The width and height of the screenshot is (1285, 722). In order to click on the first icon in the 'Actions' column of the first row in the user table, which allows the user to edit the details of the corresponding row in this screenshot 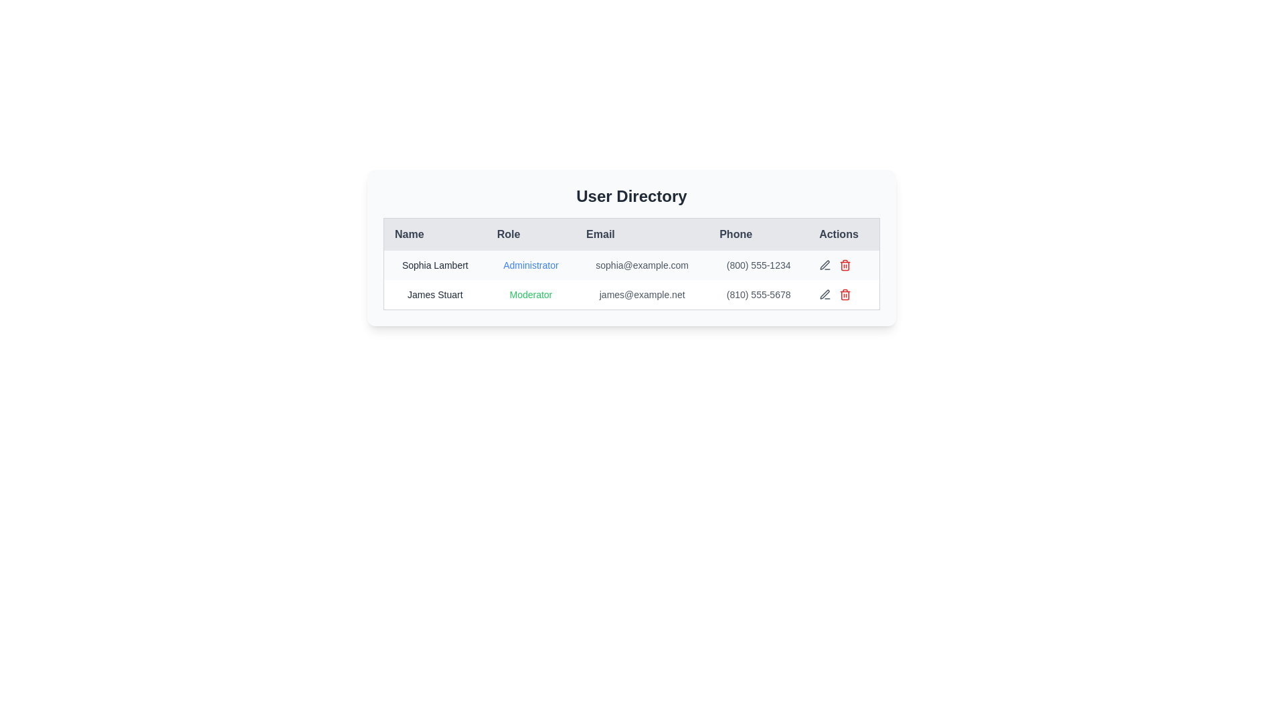, I will do `click(825, 293)`.